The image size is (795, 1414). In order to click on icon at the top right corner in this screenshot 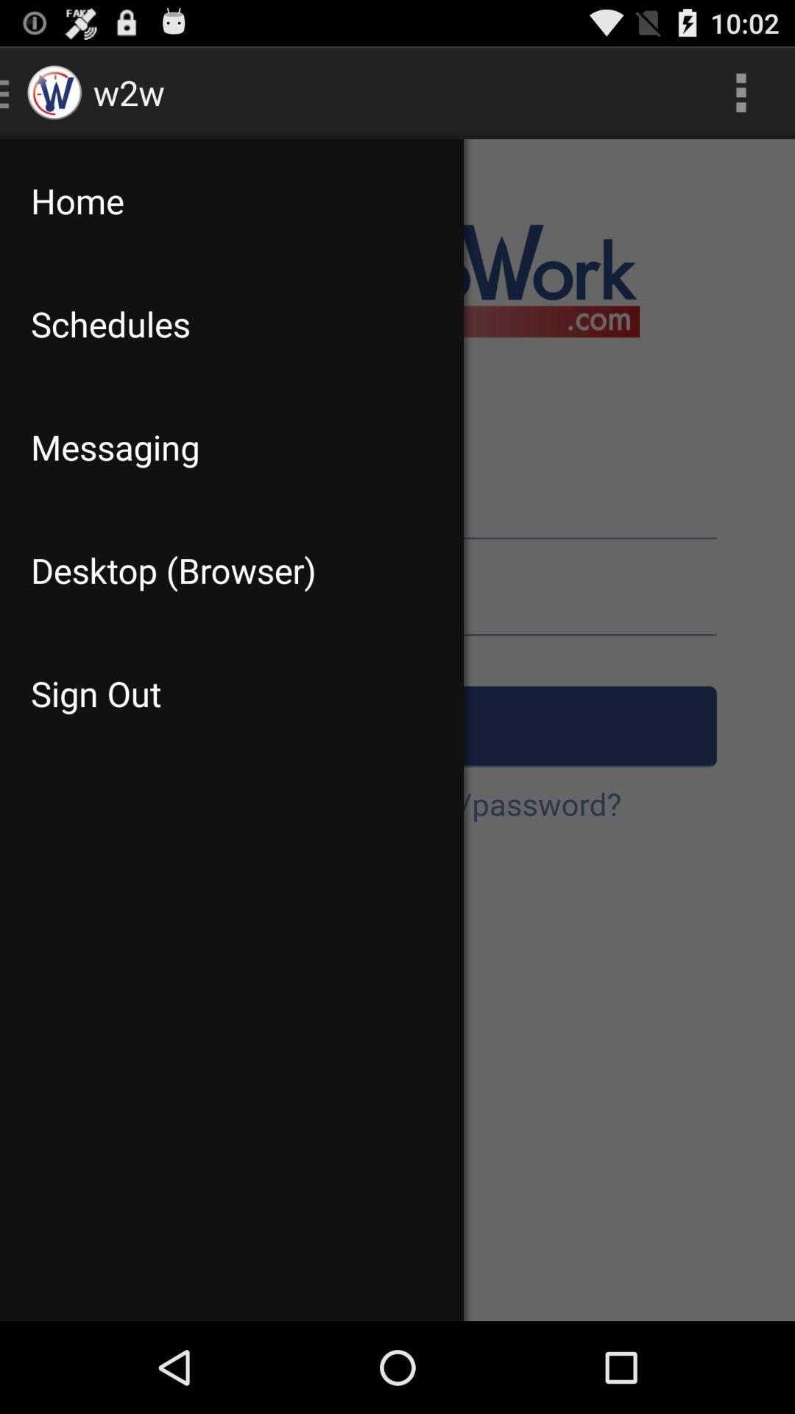, I will do `click(741, 91)`.